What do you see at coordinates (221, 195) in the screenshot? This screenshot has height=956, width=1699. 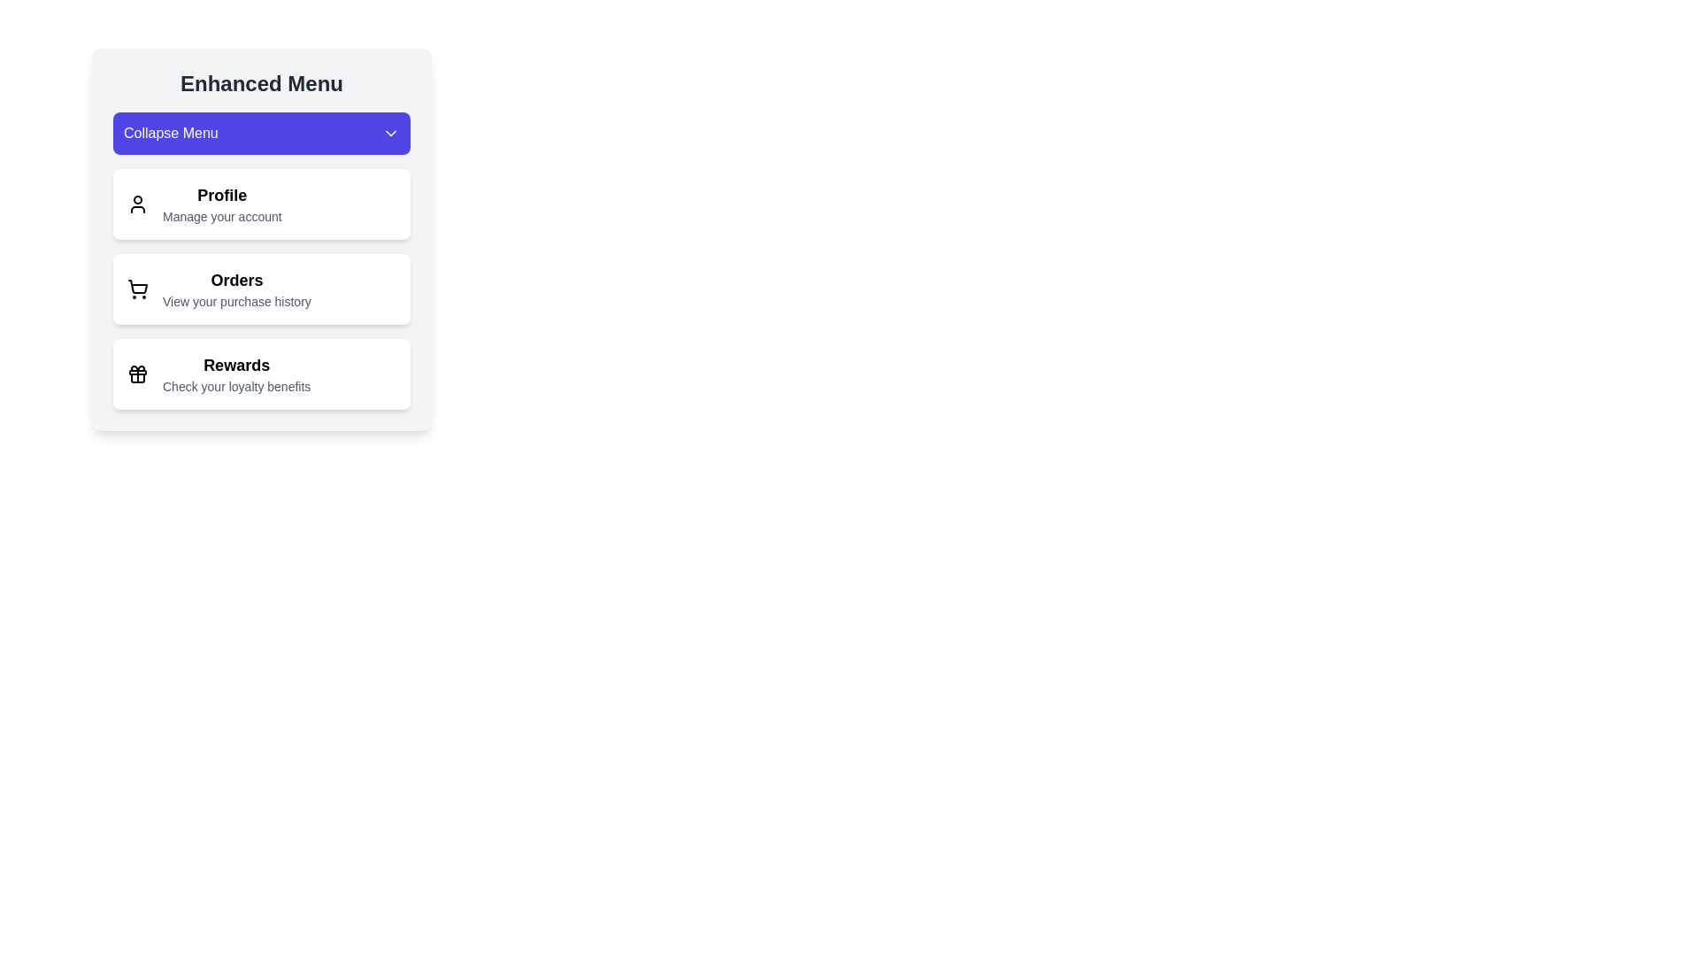 I see `the Text label that serves as the title for the user profile management menu option, located above the 'Manage your account' text` at bounding box center [221, 195].